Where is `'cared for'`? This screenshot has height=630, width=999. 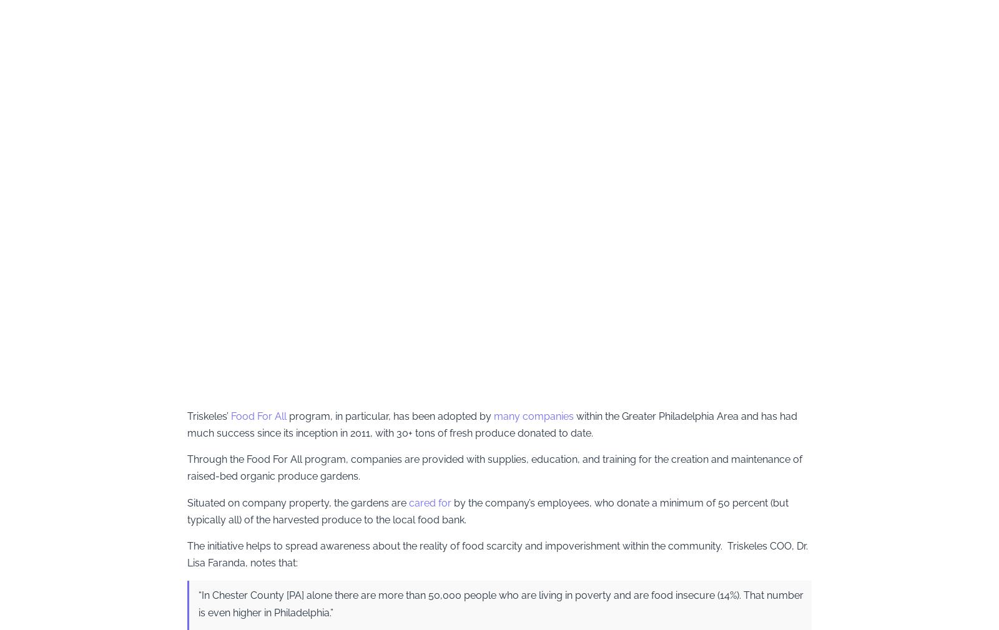 'cared for' is located at coordinates (430, 502).